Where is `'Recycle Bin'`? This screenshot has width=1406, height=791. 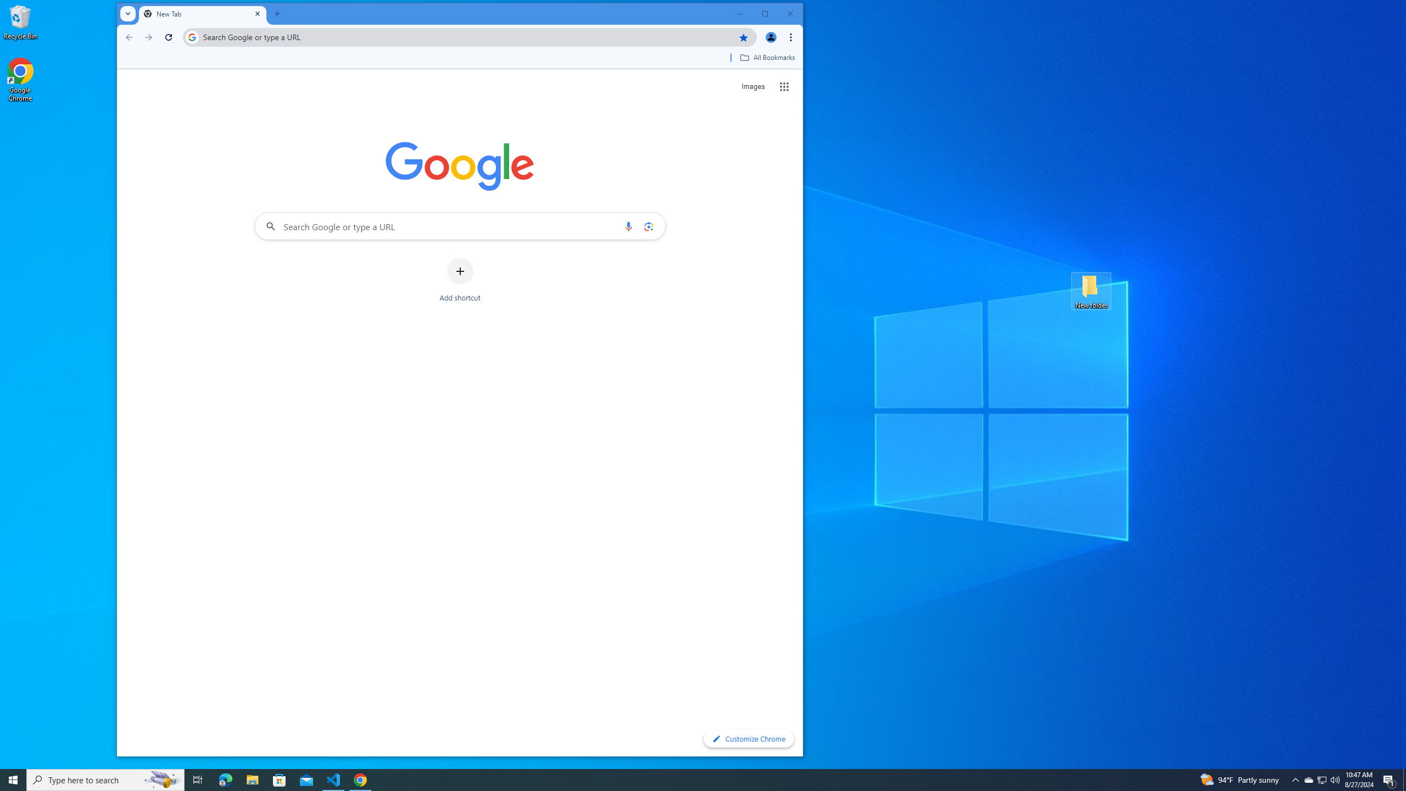
'Recycle Bin' is located at coordinates (20, 21).